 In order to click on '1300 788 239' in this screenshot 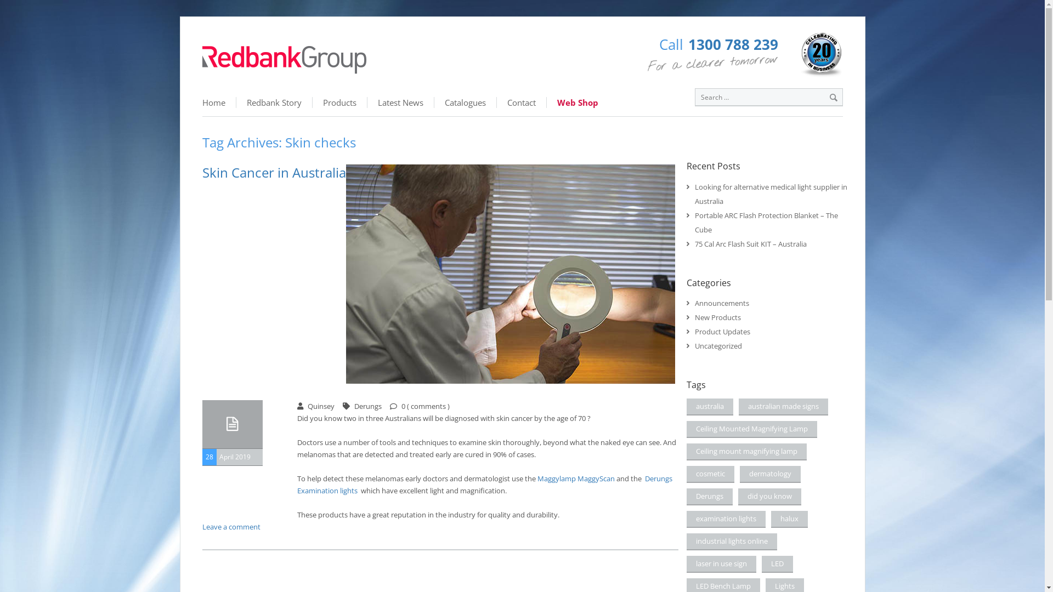, I will do `click(733, 44)`.